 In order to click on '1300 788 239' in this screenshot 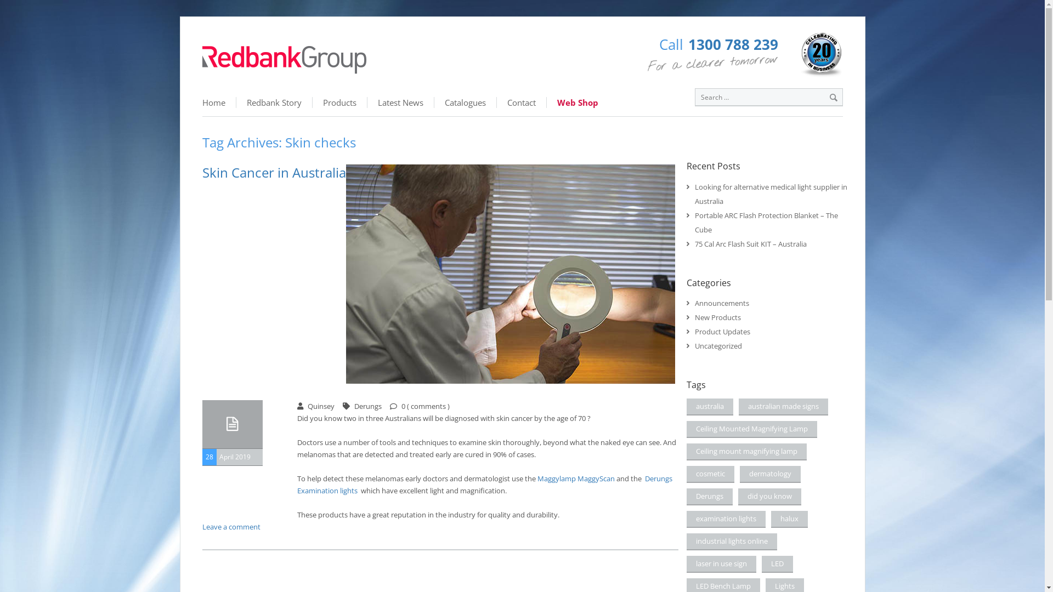, I will do `click(733, 44)`.